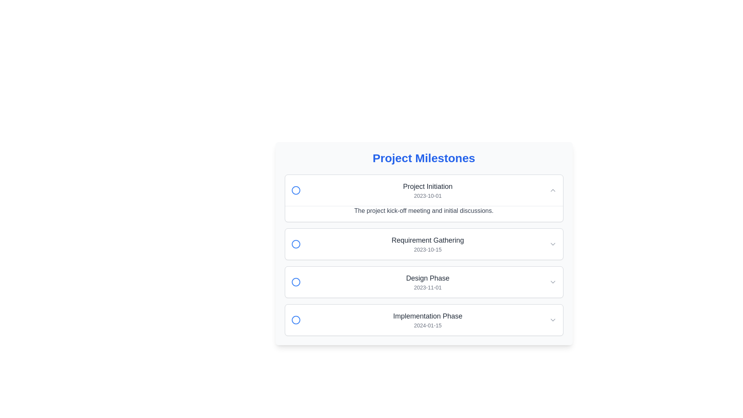 The height and width of the screenshot is (418, 743). What do you see at coordinates (423, 282) in the screenshot?
I see `the third list item representing the 'Design Phase' milestone` at bounding box center [423, 282].